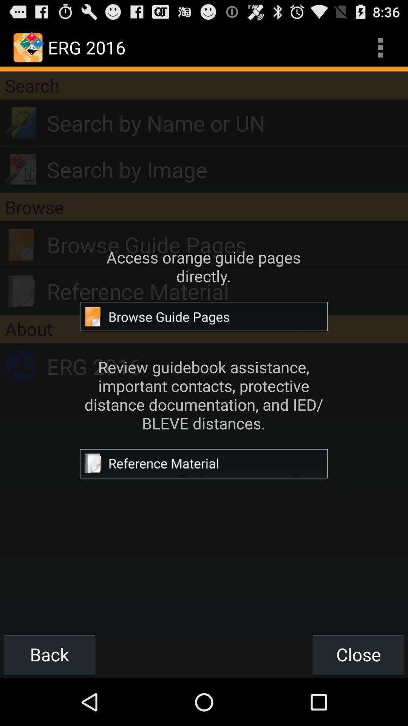  What do you see at coordinates (380, 47) in the screenshot?
I see `the app above the search icon` at bounding box center [380, 47].